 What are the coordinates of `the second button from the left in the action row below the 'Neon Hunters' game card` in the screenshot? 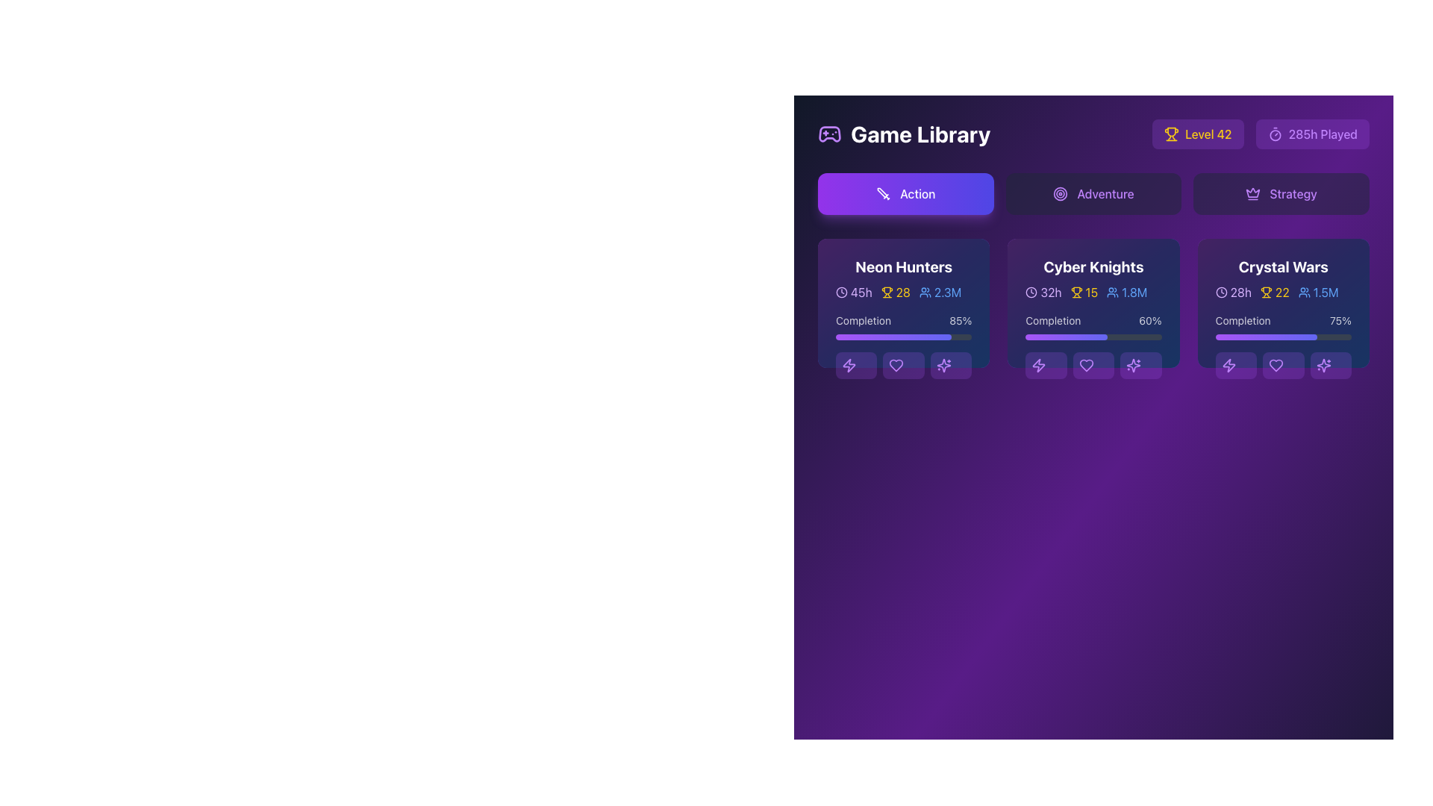 It's located at (896, 365).